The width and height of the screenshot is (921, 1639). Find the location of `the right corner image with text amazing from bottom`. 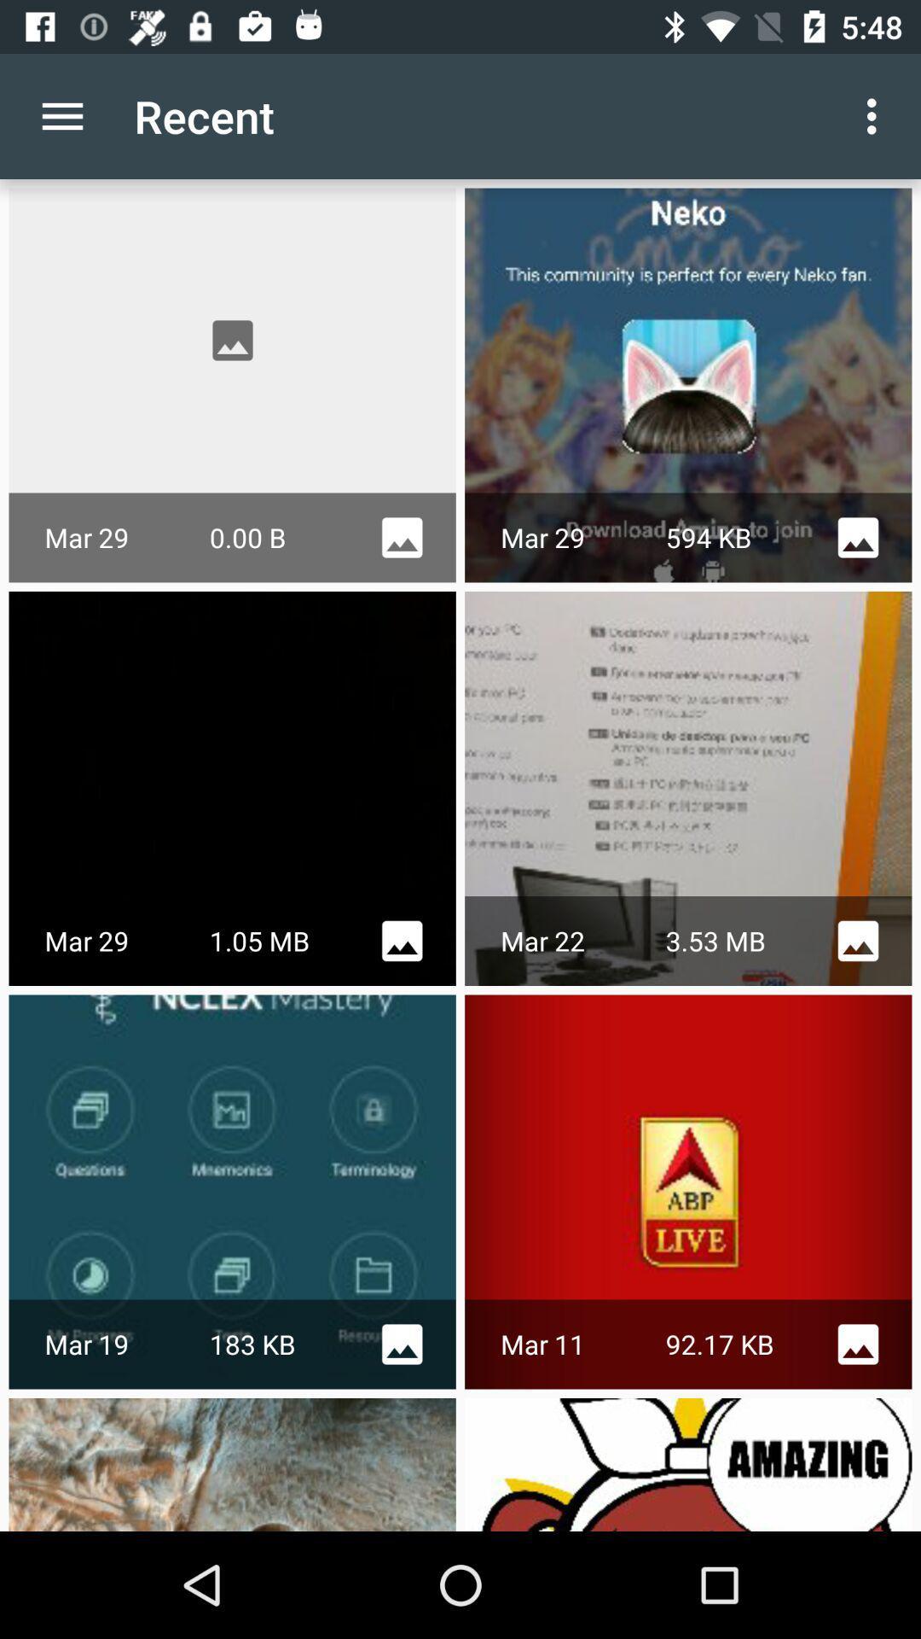

the right corner image with text amazing from bottom is located at coordinates (687, 1463).